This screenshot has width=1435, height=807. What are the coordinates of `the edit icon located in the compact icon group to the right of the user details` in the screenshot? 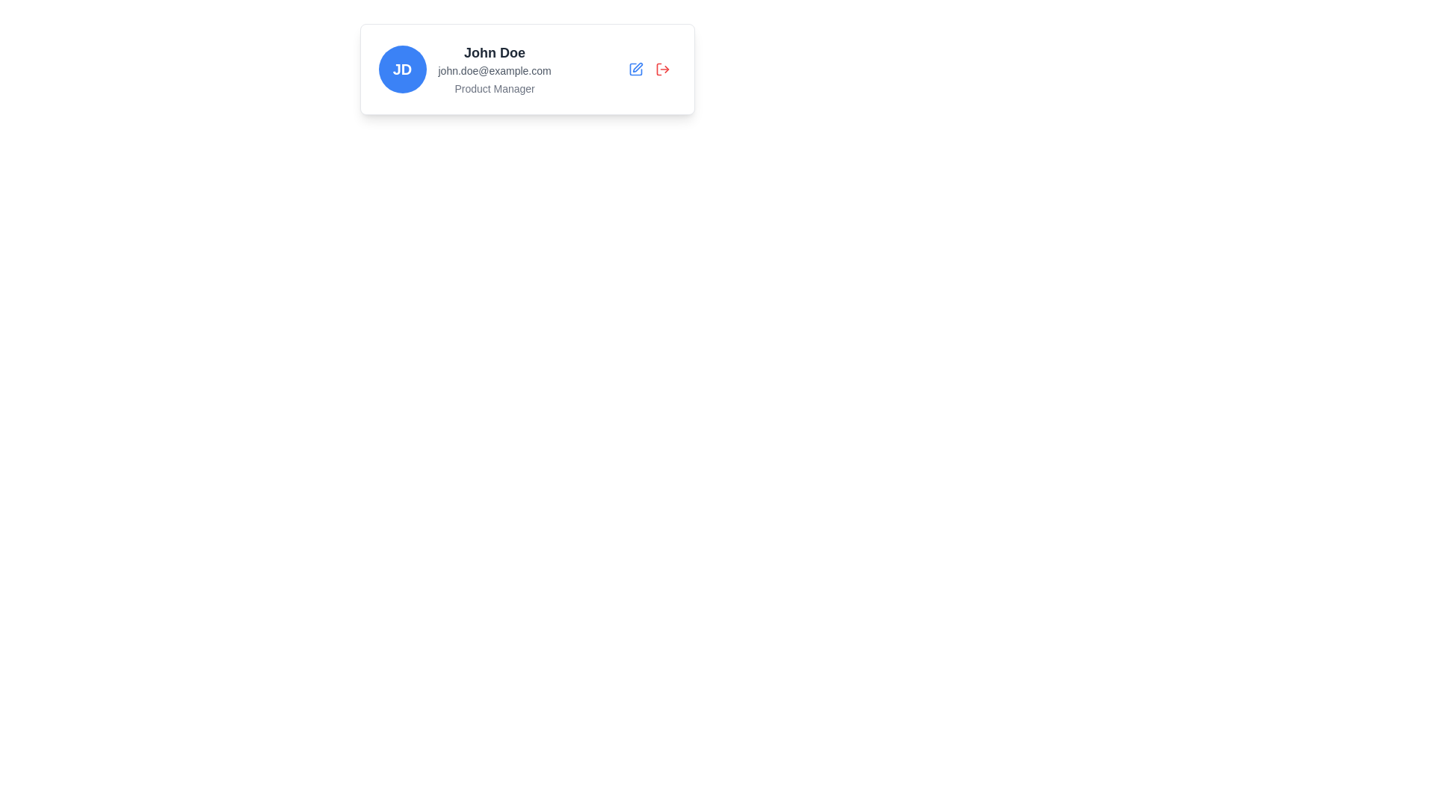 It's located at (638, 67).